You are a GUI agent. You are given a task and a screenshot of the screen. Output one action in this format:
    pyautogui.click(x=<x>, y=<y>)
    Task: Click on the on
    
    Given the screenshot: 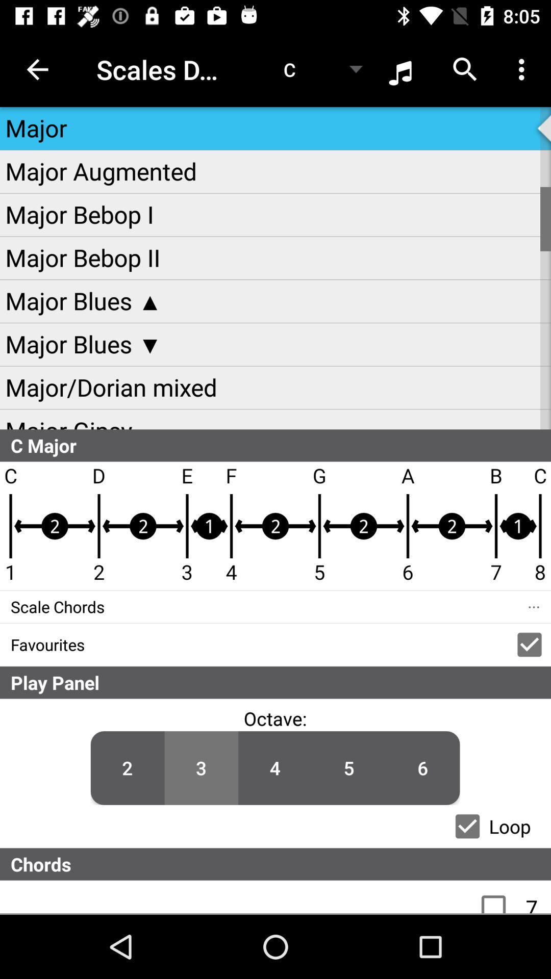 What is the action you would take?
    pyautogui.click(x=498, y=896)
    